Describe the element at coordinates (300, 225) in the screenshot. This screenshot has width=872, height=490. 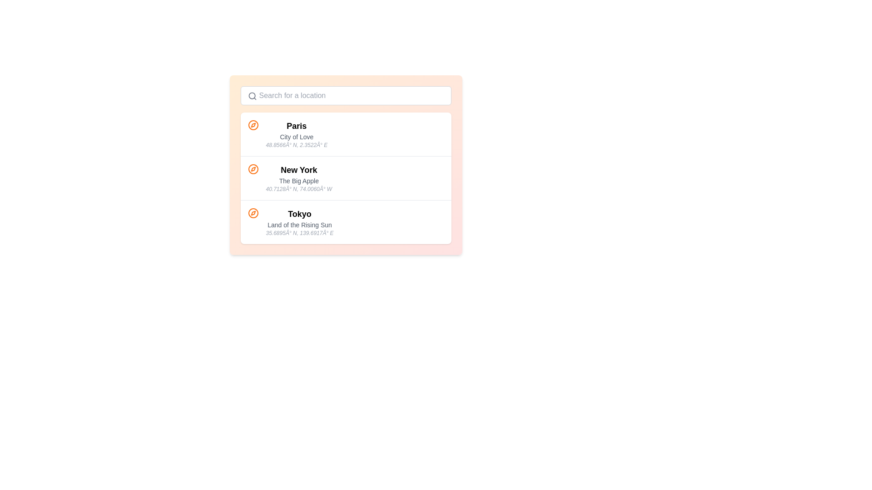
I see `the text label displaying 'Land of the Rising Sun', which is positioned below 'Tokyo' and above '35.6895° N, 139.6917° E' in the vertical list view` at that location.